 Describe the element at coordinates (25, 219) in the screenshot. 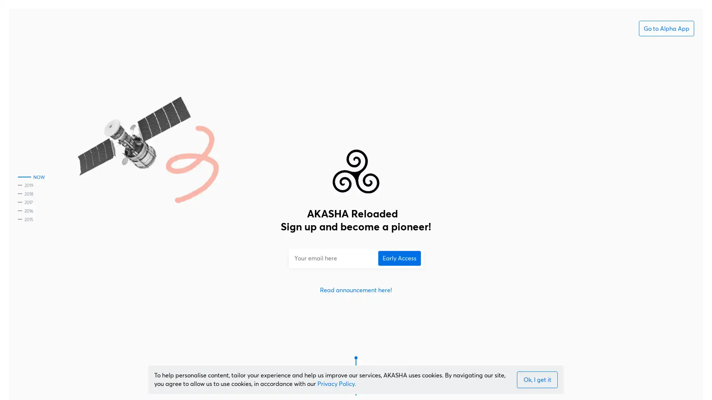

I see `2015` at that location.